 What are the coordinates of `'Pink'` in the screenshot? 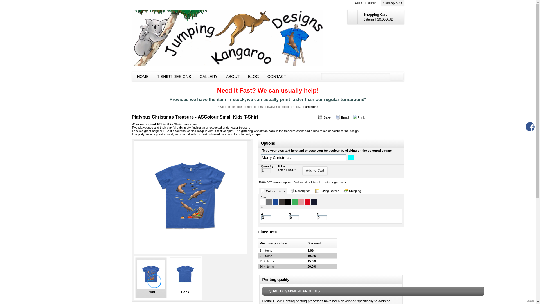 It's located at (301, 202).